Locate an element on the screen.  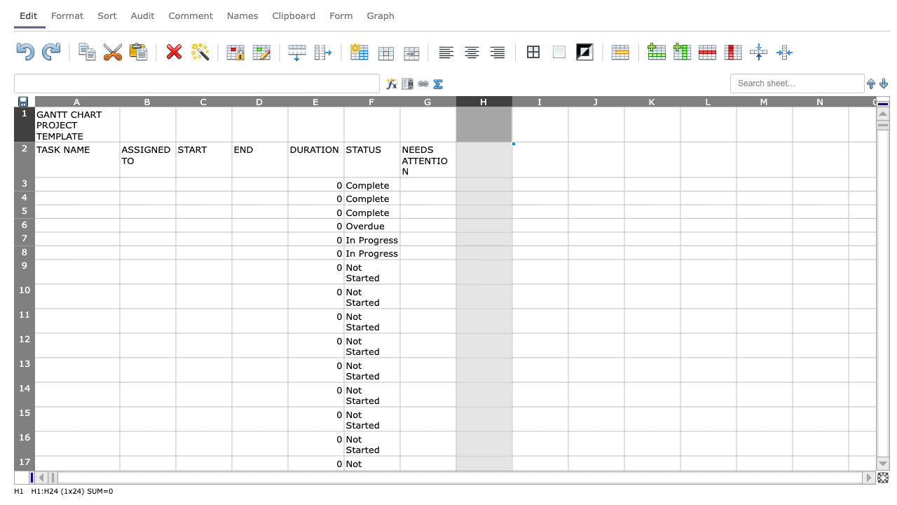
column J's width resize handle is located at coordinates (624, 100).